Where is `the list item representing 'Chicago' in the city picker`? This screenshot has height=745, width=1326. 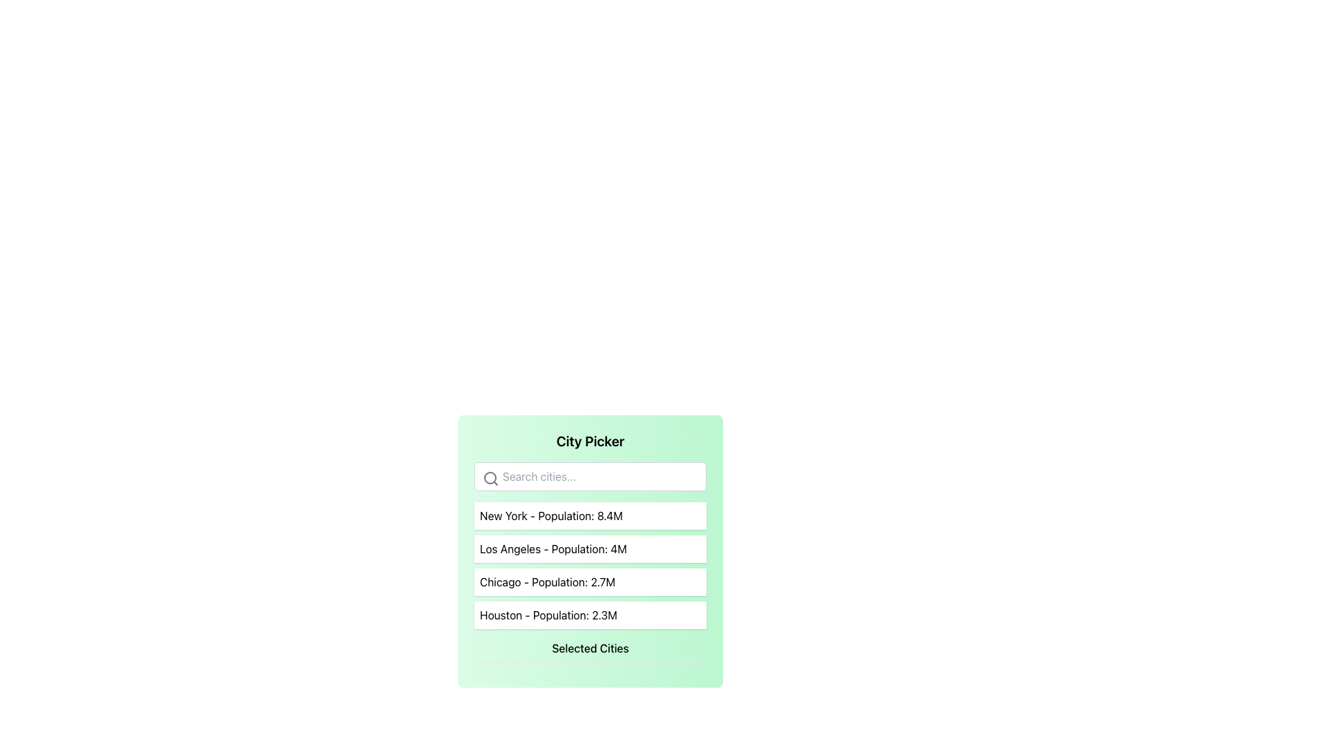 the list item representing 'Chicago' in the city picker is located at coordinates (590, 582).